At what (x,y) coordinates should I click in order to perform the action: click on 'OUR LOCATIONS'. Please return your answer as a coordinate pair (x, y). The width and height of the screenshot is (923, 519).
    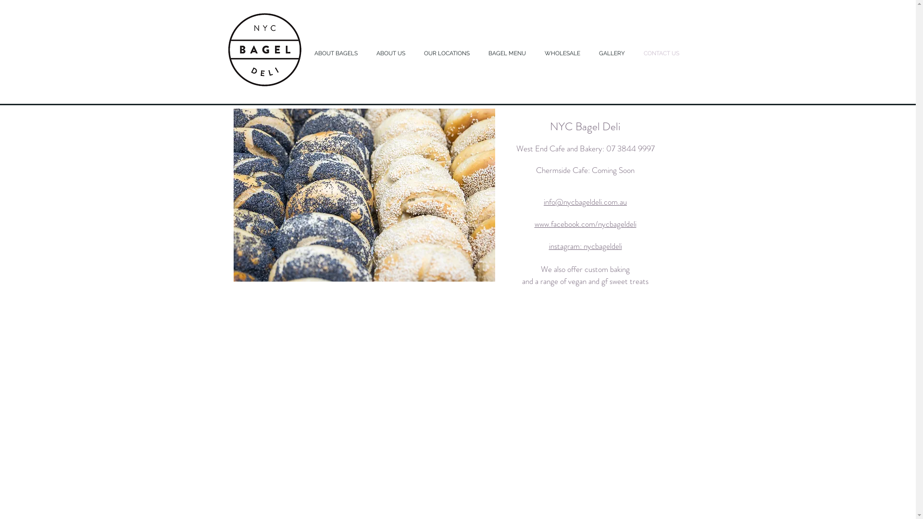
    Looking at the image, I should click on (448, 53).